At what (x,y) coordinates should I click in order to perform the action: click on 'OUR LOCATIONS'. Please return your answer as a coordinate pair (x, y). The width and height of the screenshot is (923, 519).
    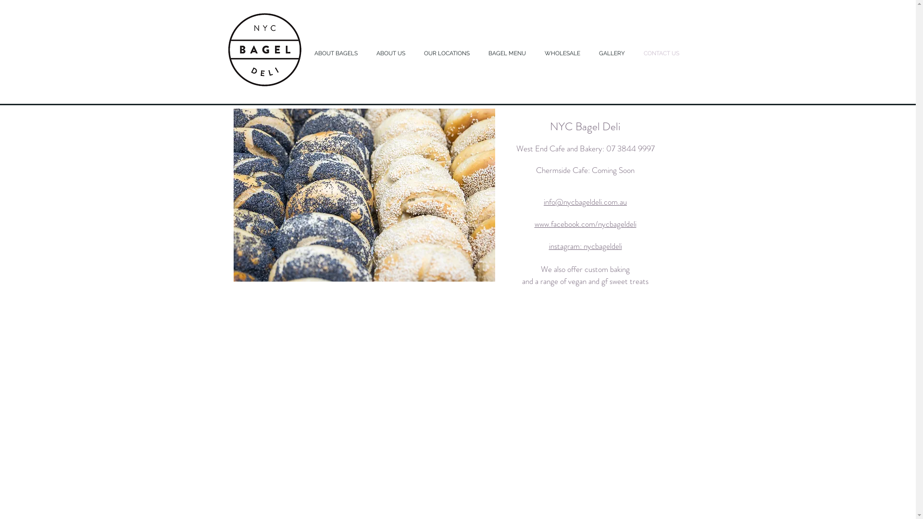
    Looking at the image, I should click on (448, 53).